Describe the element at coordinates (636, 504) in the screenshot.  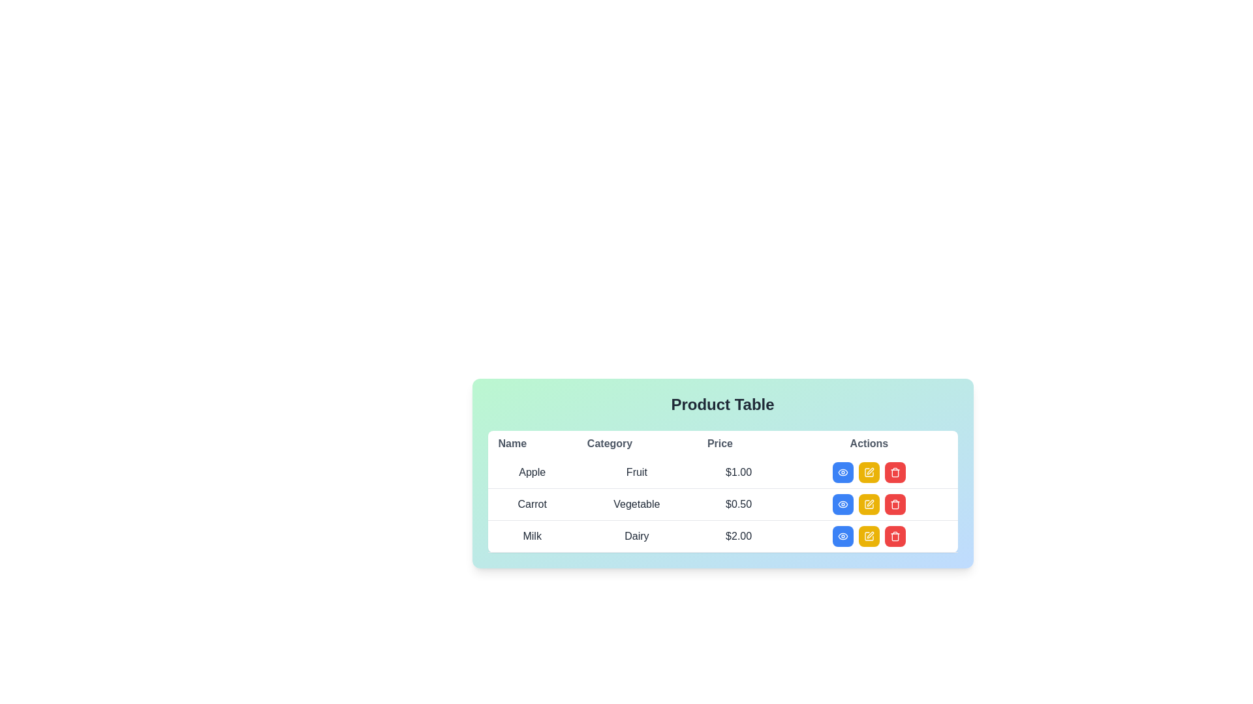
I see `the 'Vegetable' text label in the second row of the table under the 'Category' header, positioned between 'Carrot' and '$0.50'` at that location.